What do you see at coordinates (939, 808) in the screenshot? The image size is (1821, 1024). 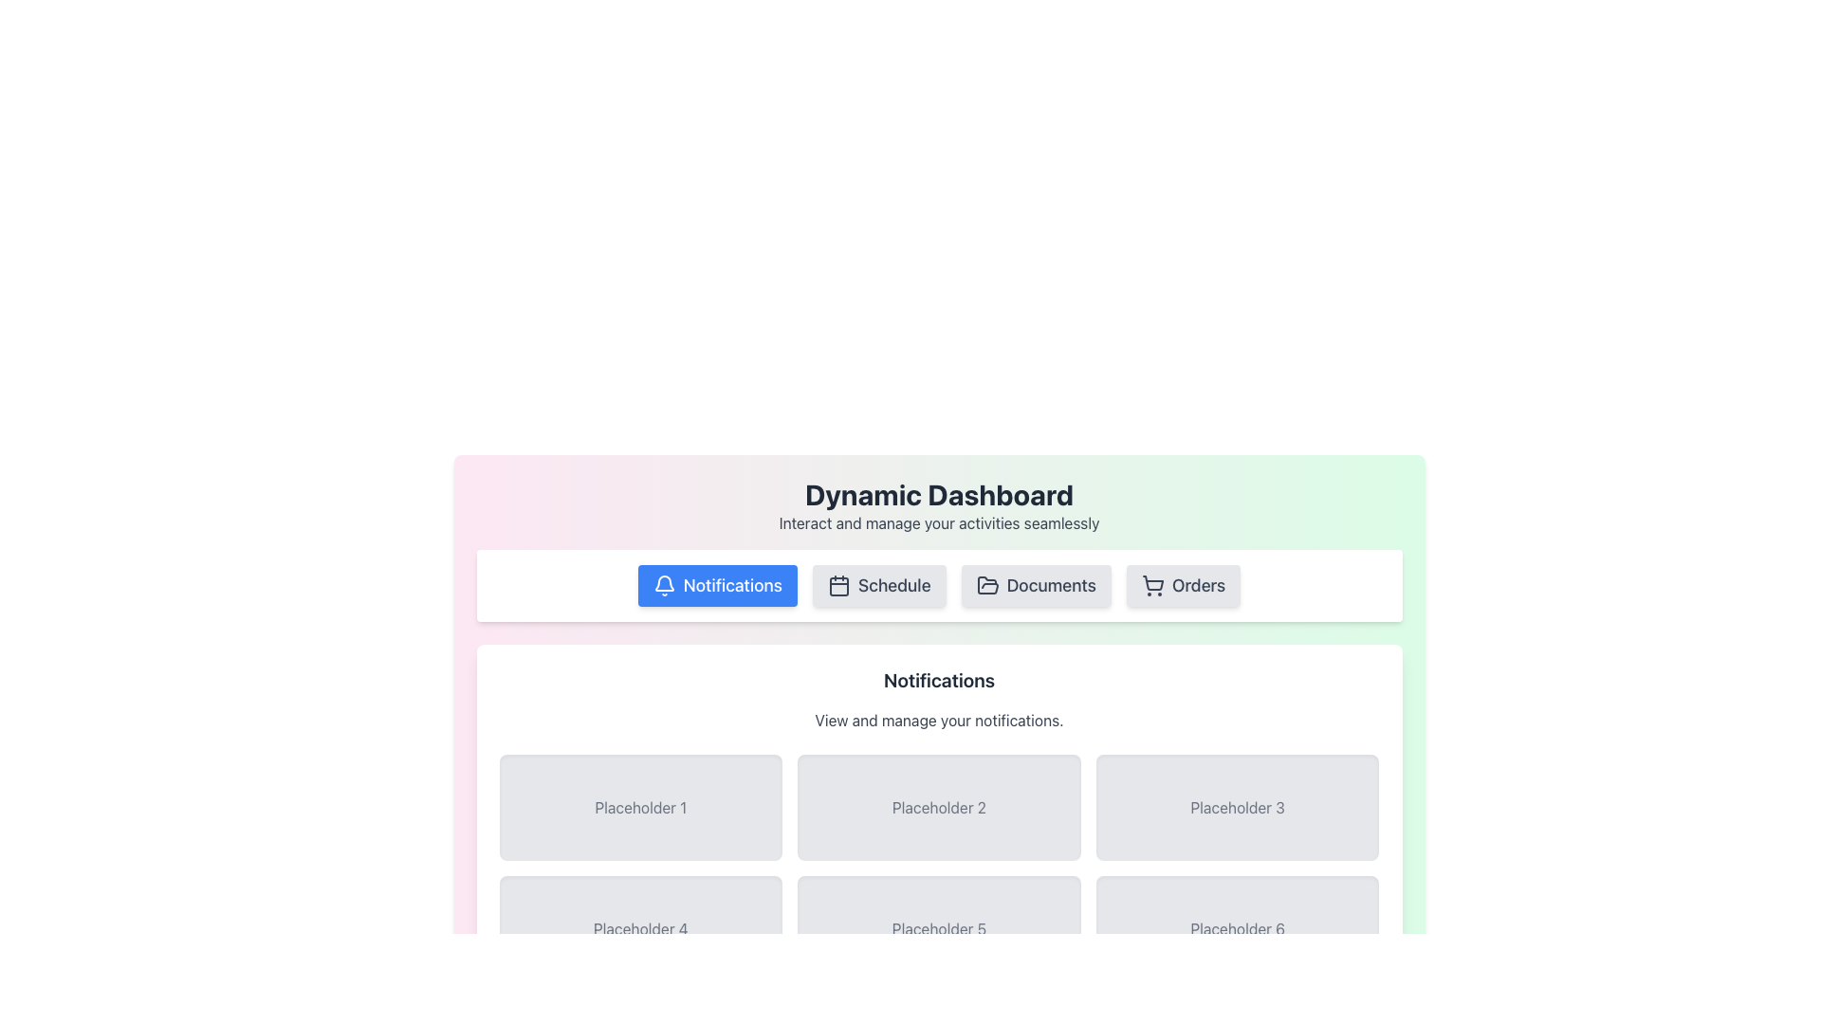 I see `the second item in the grid layout, which is a Static content box used for layout or content demonstration purposes, located below the 'Notifications' section title` at bounding box center [939, 808].